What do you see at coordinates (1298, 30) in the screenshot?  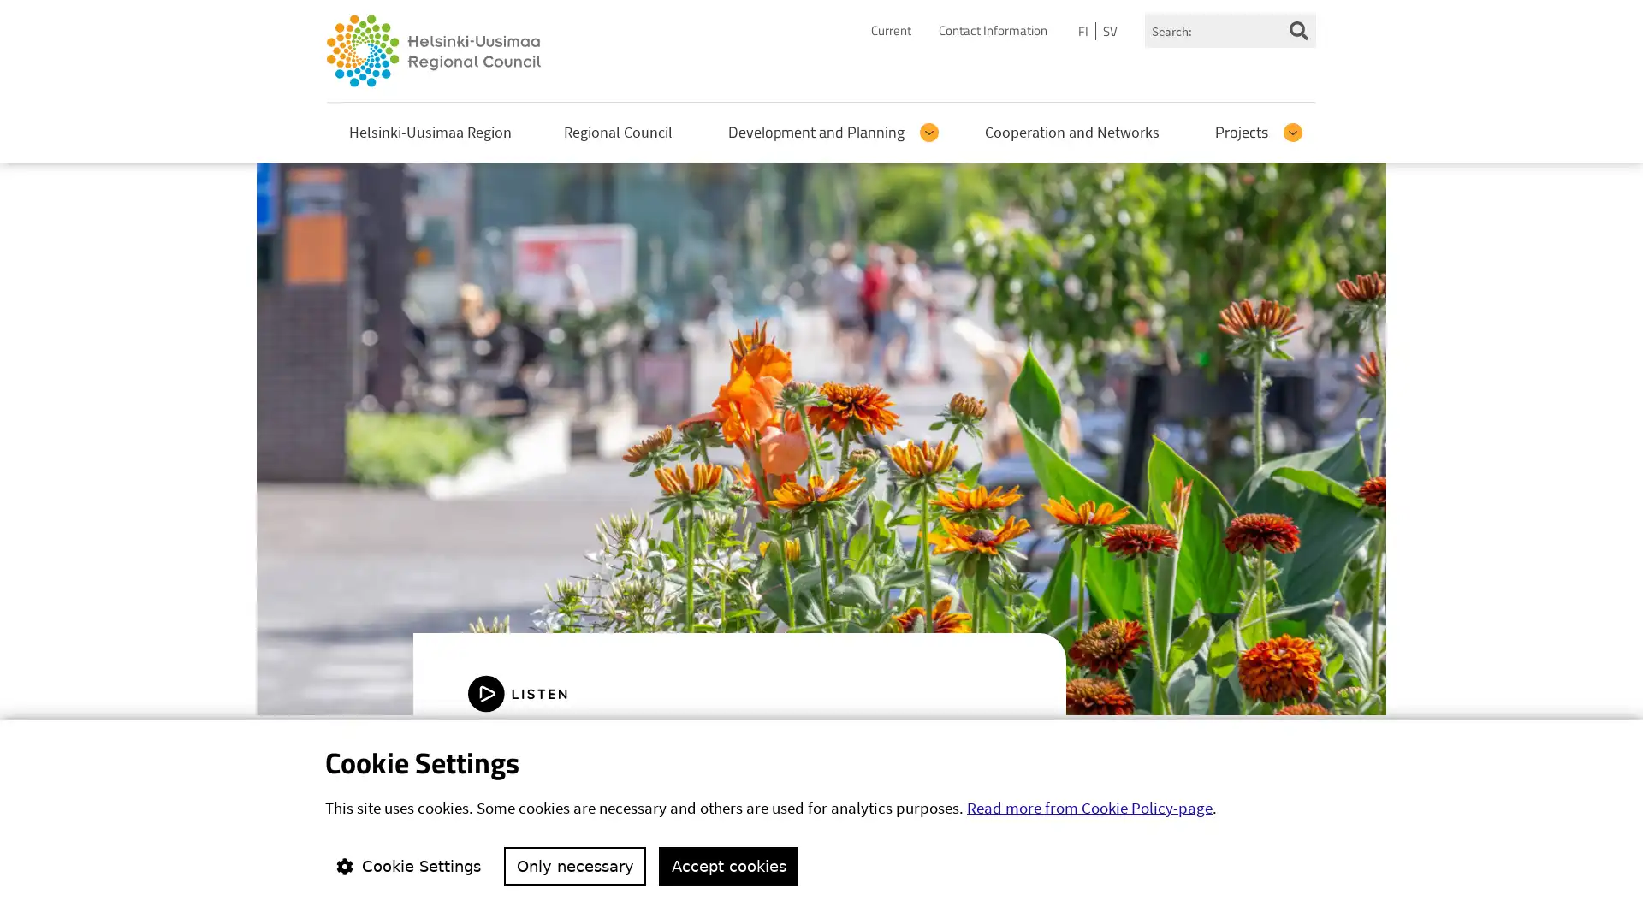 I see `Search:` at bounding box center [1298, 30].